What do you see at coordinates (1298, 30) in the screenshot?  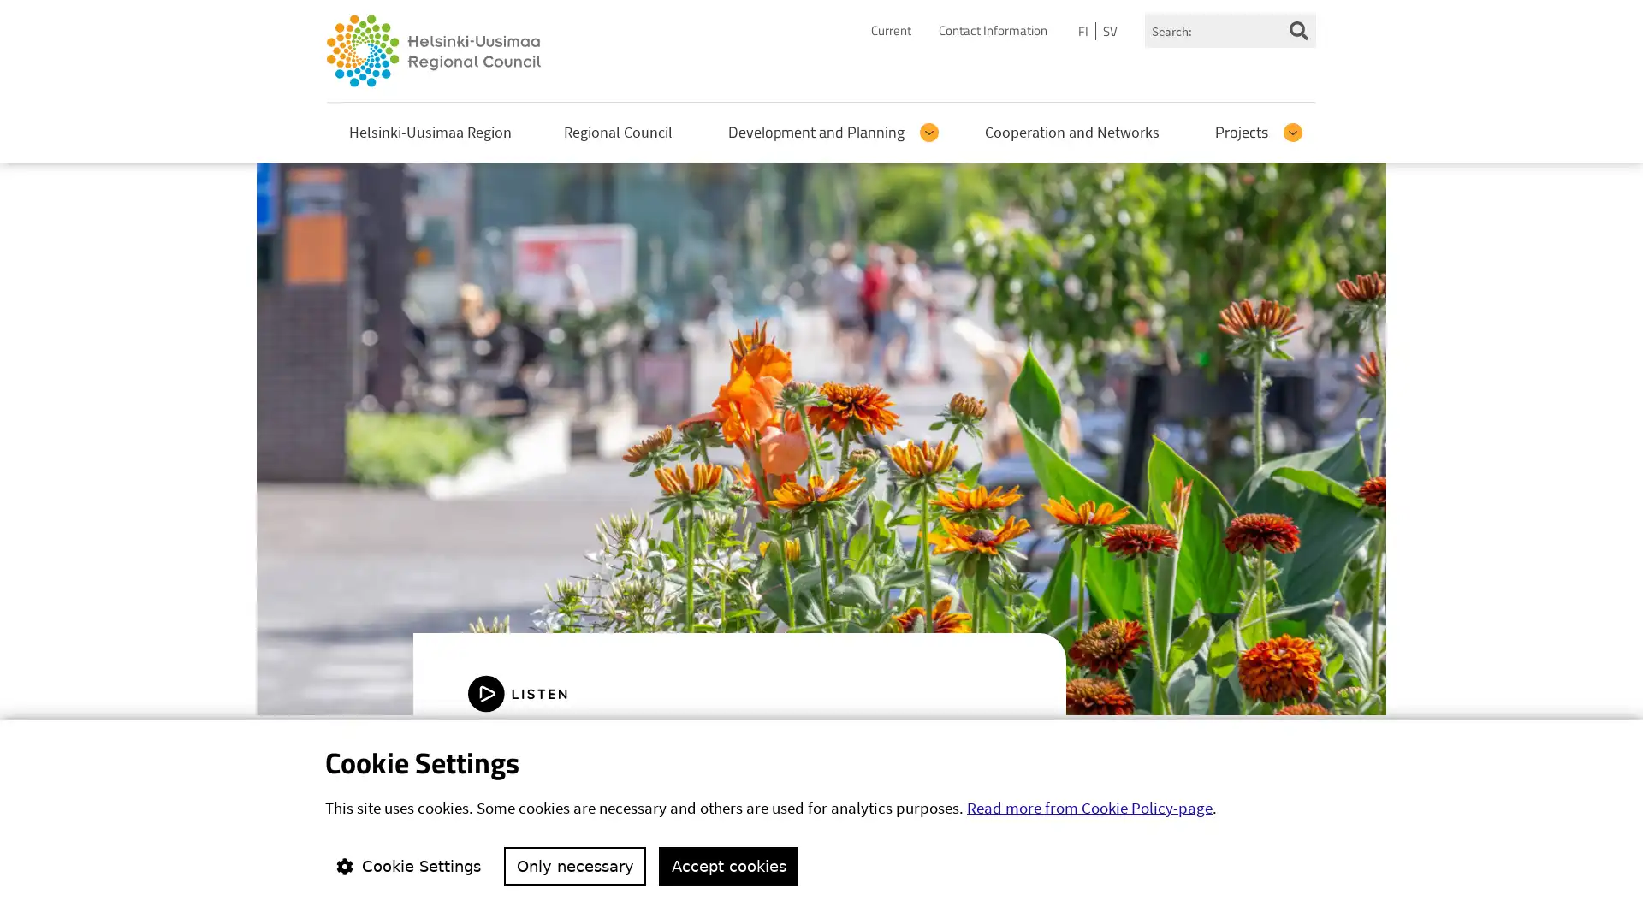 I see `Search:` at bounding box center [1298, 30].